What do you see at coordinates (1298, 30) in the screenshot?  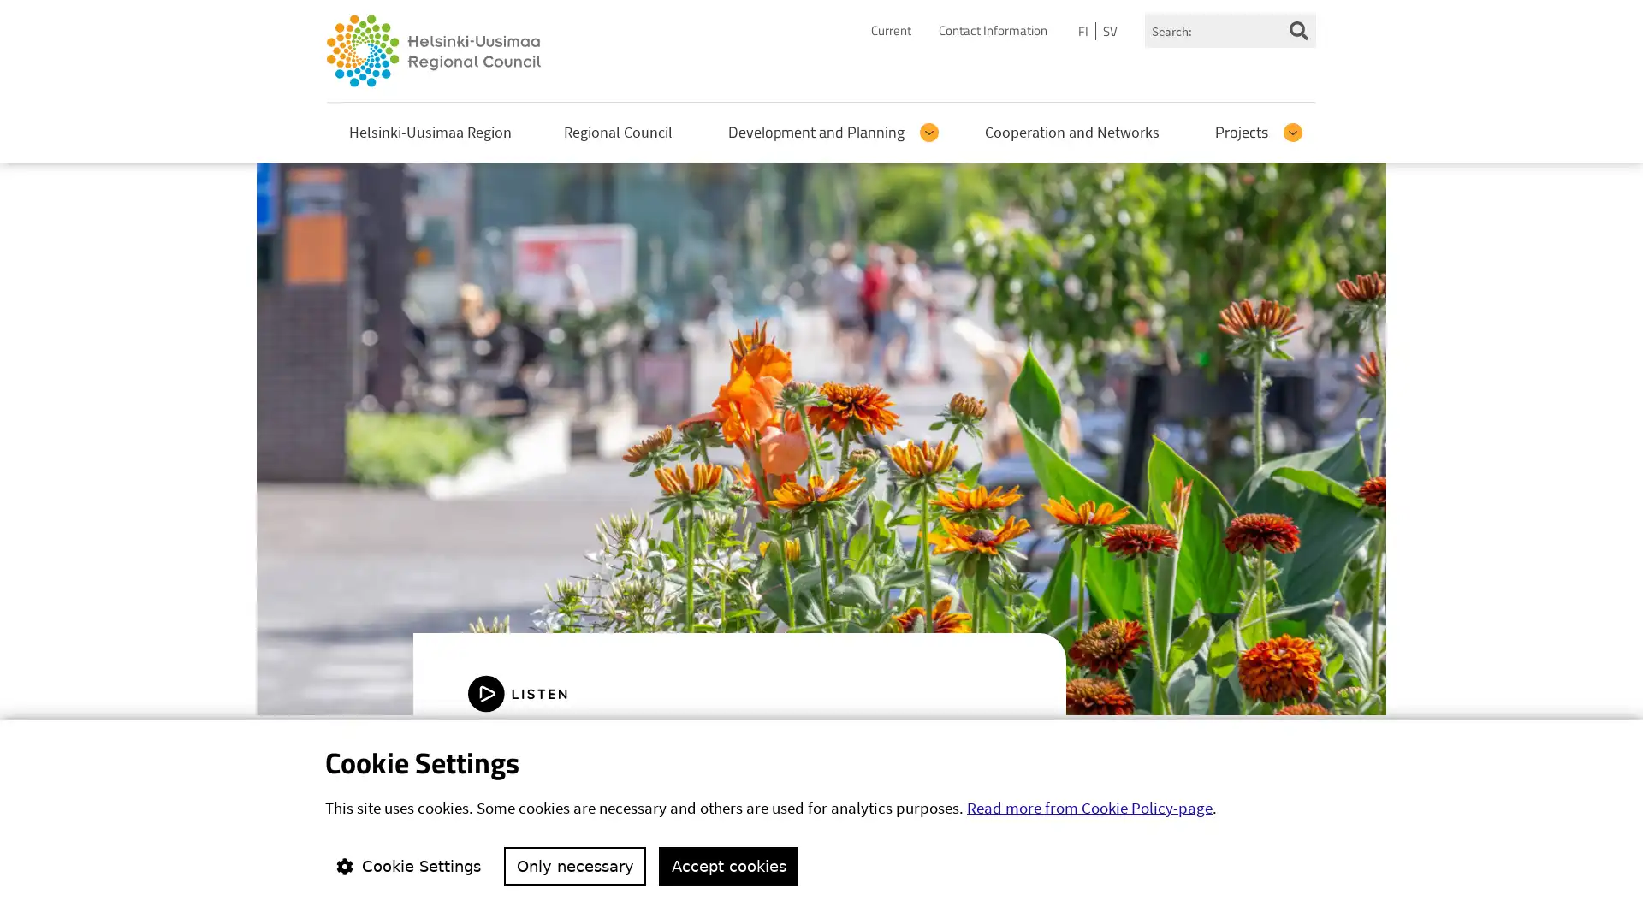 I see `Search:` at bounding box center [1298, 30].